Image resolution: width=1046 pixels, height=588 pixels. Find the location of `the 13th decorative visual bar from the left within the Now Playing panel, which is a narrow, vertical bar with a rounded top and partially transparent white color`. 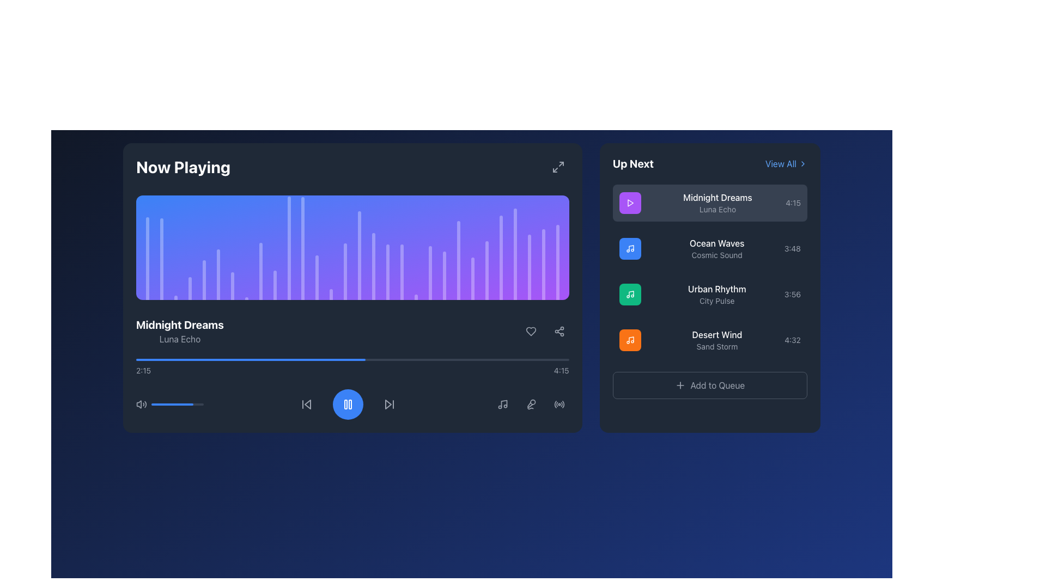

the 13th decorative visual bar from the left within the Now Playing panel, which is a narrow, vertical bar with a rounded top and partially transparent white color is located at coordinates (331, 295).